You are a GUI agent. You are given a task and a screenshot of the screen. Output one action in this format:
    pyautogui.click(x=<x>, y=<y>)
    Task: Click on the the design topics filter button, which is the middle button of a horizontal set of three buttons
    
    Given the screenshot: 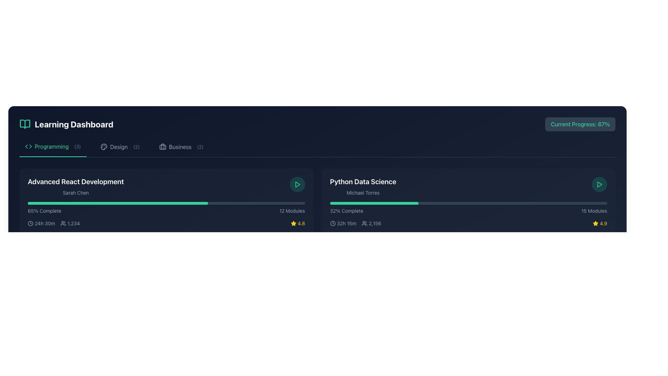 What is the action you would take?
    pyautogui.click(x=120, y=149)
    